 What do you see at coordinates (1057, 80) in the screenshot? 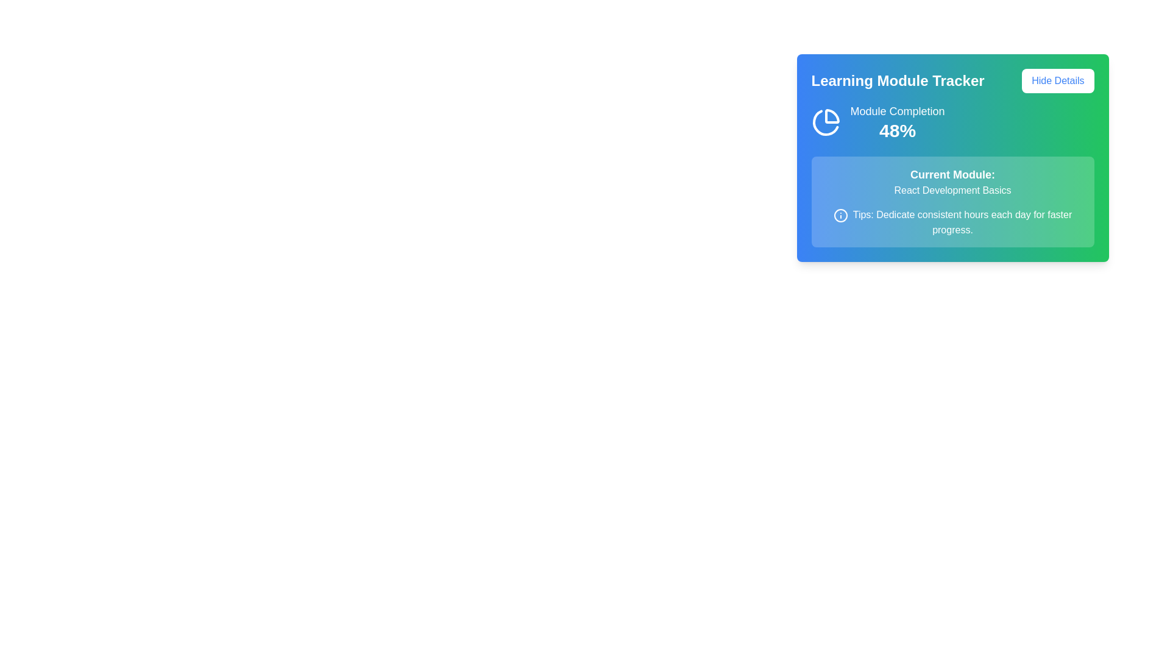
I see `the 'Hide Details' button located at the top-right corner of the 'Learning Module Tracker' section to hide the associated details` at bounding box center [1057, 80].